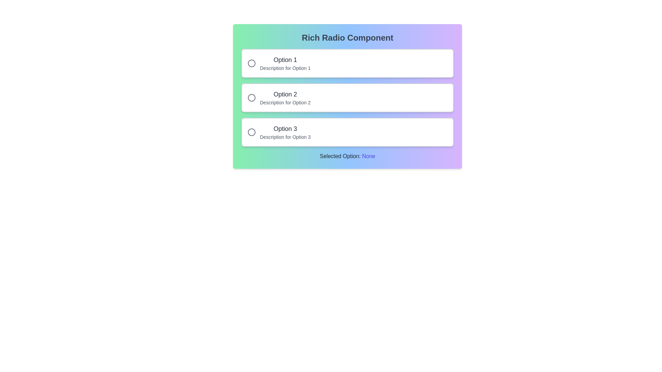 This screenshot has height=372, width=662. What do you see at coordinates (348, 132) in the screenshot?
I see `the third radio button option card in the vertically arranged group to observe hover effects` at bounding box center [348, 132].